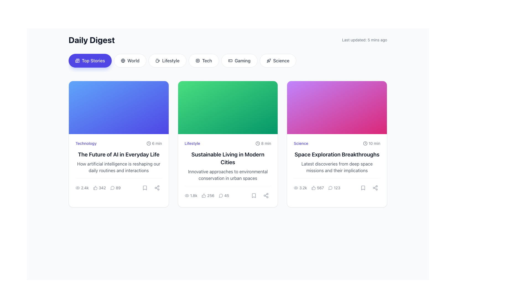 The height and width of the screenshot is (298, 531). What do you see at coordinates (149, 143) in the screenshot?
I see `the small gray SVG clock icon located in the top-right corner of the card titled 'The Future of AI in Everyday Life'` at bounding box center [149, 143].